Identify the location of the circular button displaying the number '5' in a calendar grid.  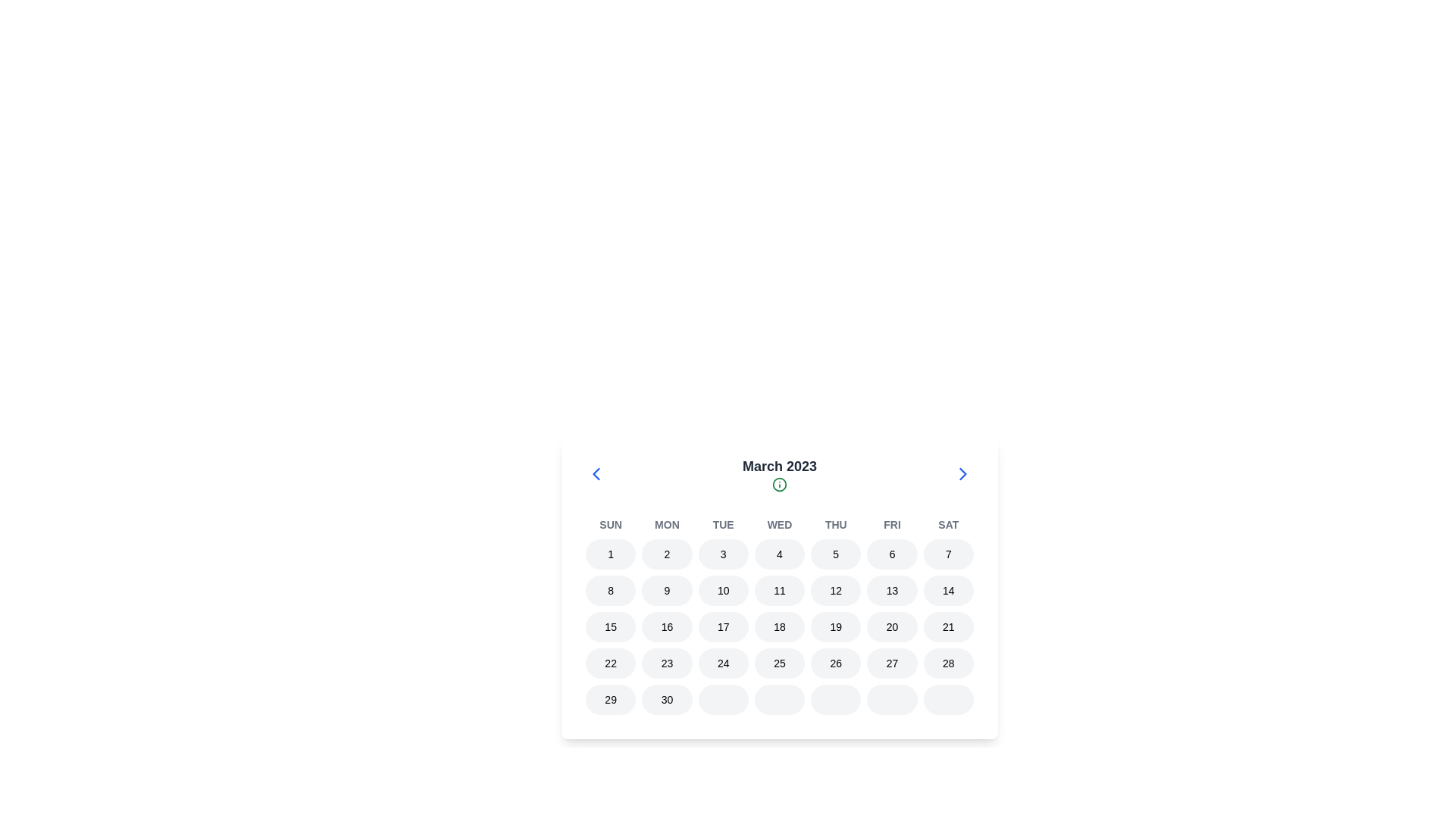
(835, 554).